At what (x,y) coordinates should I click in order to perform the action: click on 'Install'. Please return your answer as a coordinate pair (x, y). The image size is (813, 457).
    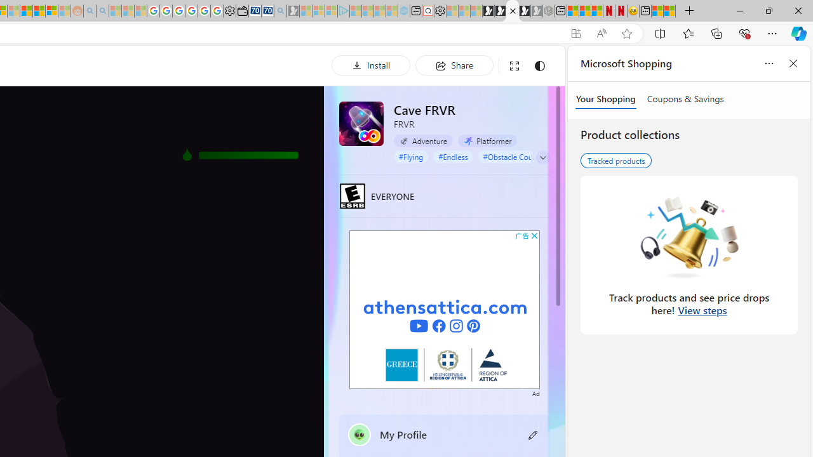
    Looking at the image, I should click on (370, 65).